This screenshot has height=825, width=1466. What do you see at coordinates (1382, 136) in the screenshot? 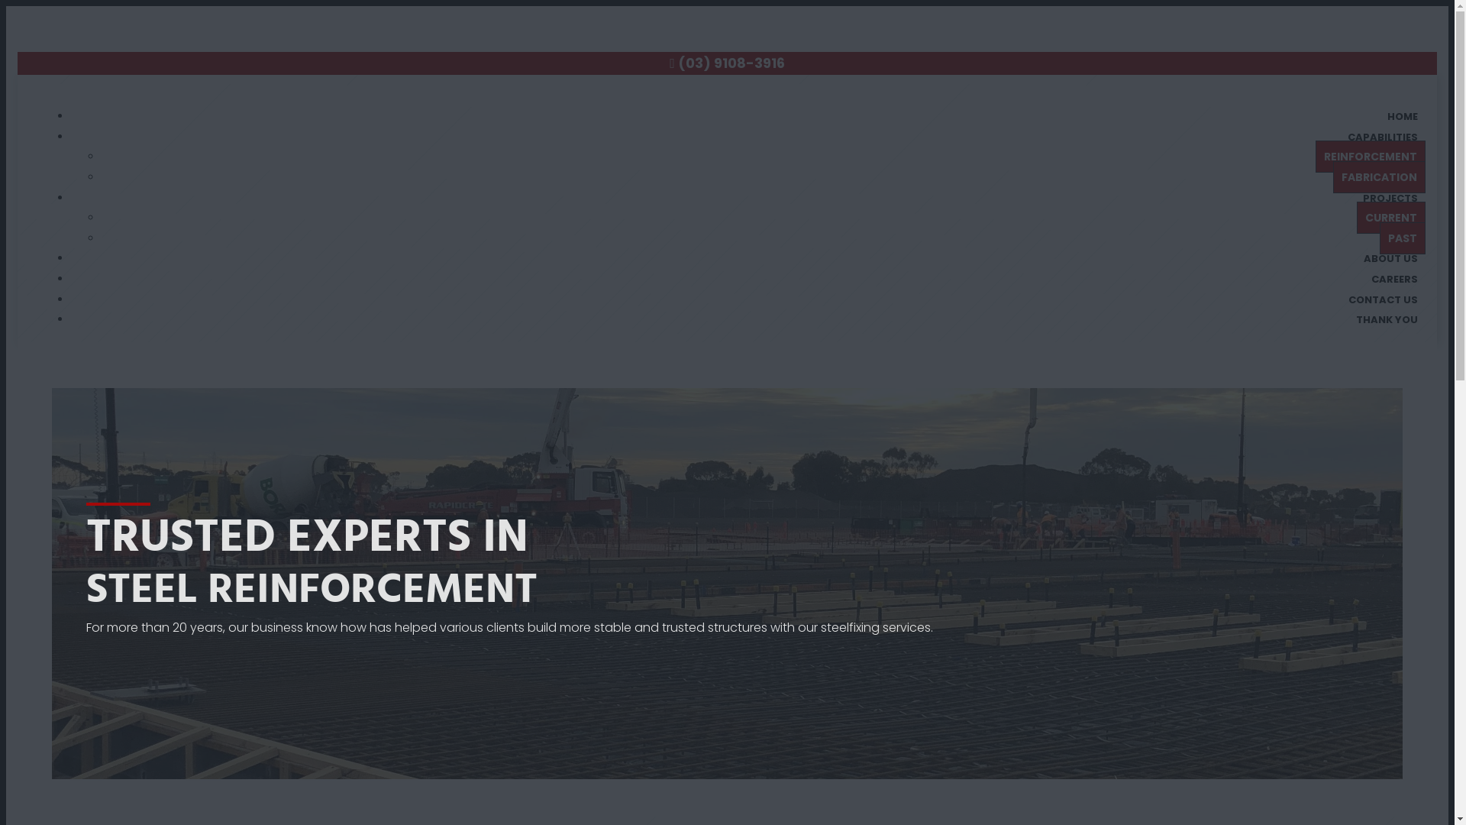
I see `'CAPABILITIES'` at bounding box center [1382, 136].